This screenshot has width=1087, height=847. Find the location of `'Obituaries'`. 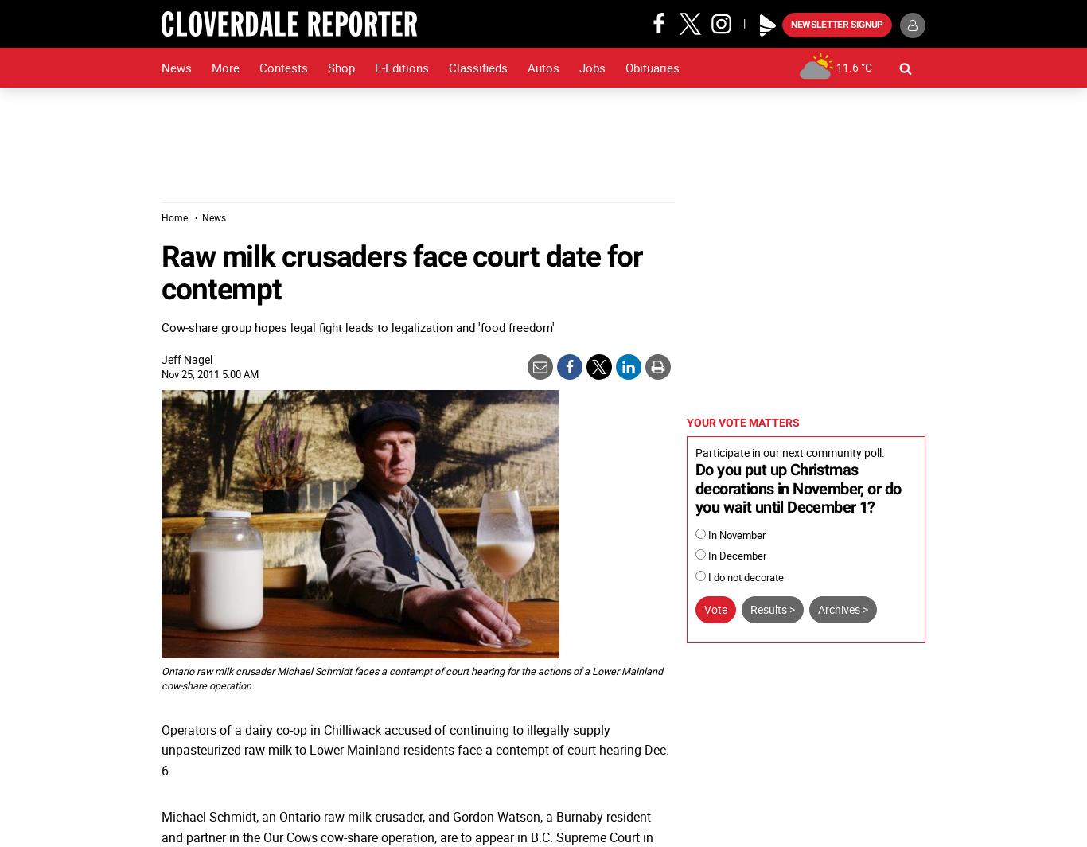

'Obituaries' is located at coordinates (652, 68).